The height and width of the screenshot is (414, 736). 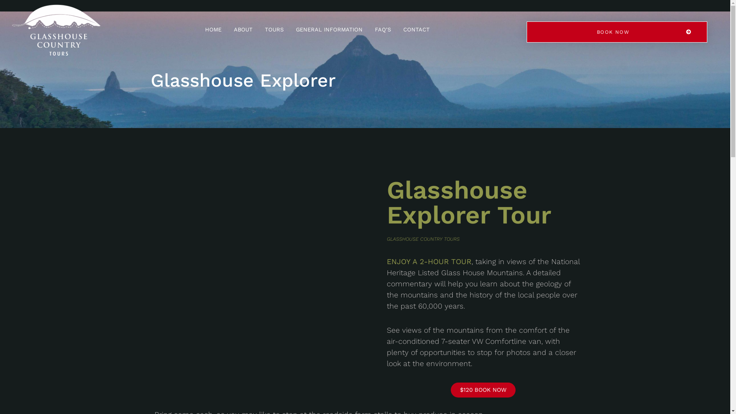 I want to click on '$120 BOOK NOW', so click(x=483, y=390).